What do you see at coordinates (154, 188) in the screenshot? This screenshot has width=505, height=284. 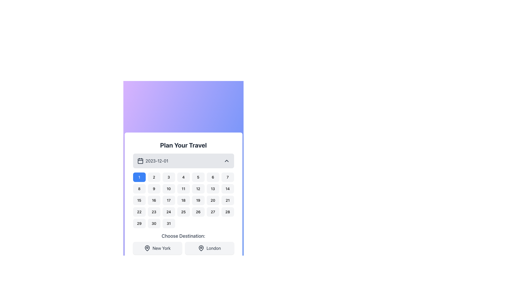 I see `the selectable date button for the 9th in the calendar interface` at bounding box center [154, 188].